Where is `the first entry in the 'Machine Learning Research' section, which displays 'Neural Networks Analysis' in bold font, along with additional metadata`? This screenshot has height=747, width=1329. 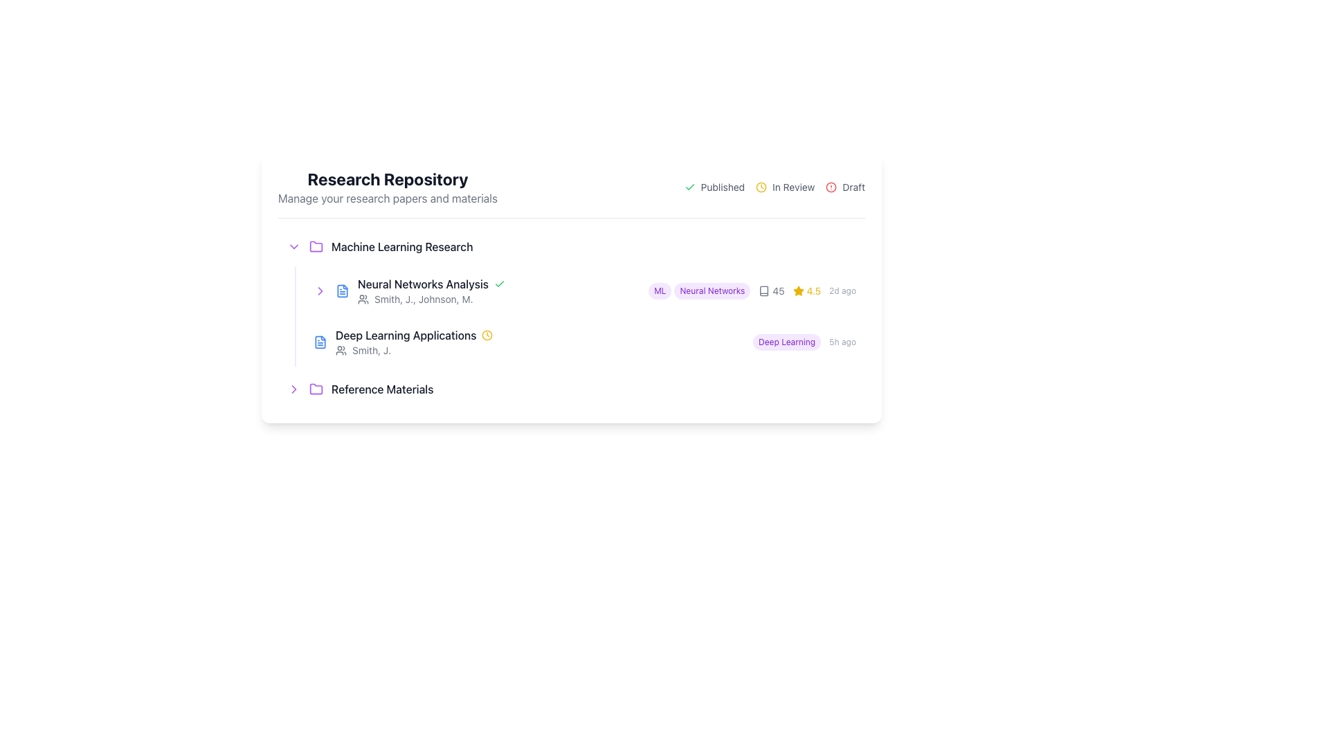 the first entry in the 'Machine Learning Research' section, which displays 'Neural Networks Analysis' in bold font, along with additional metadata is located at coordinates (584, 290).